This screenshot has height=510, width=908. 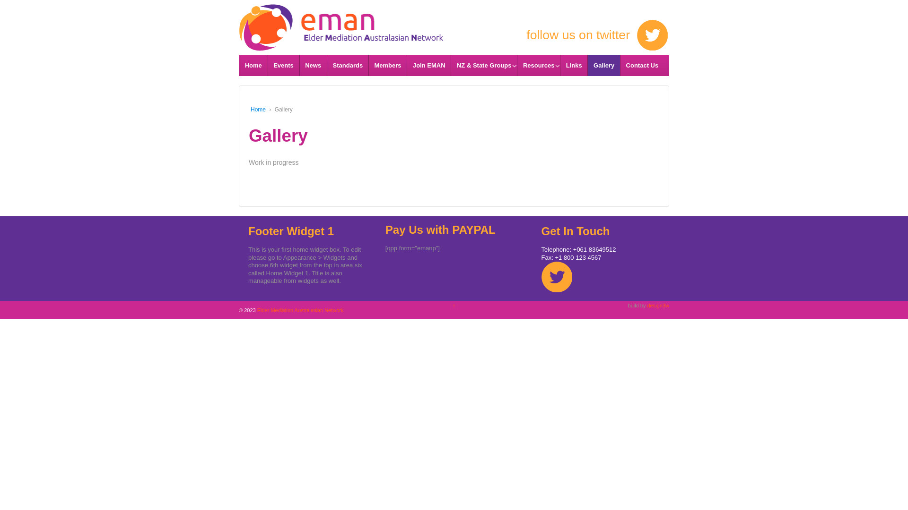 What do you see at coordinates (603, 65) in the screenshot?
I see `'Gallery'` at bounding box center [603, 65].